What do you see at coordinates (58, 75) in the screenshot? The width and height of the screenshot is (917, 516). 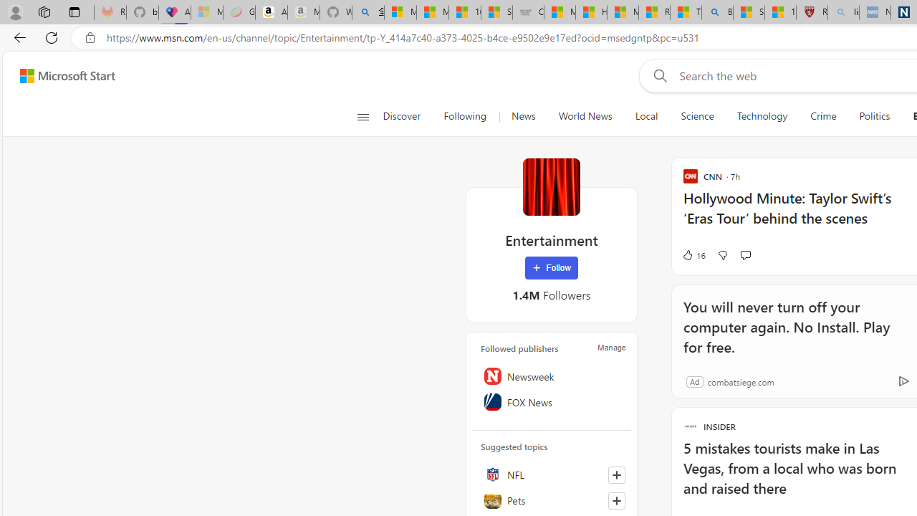 I see `'Skip to footer'` at bounding box center [58, 75].